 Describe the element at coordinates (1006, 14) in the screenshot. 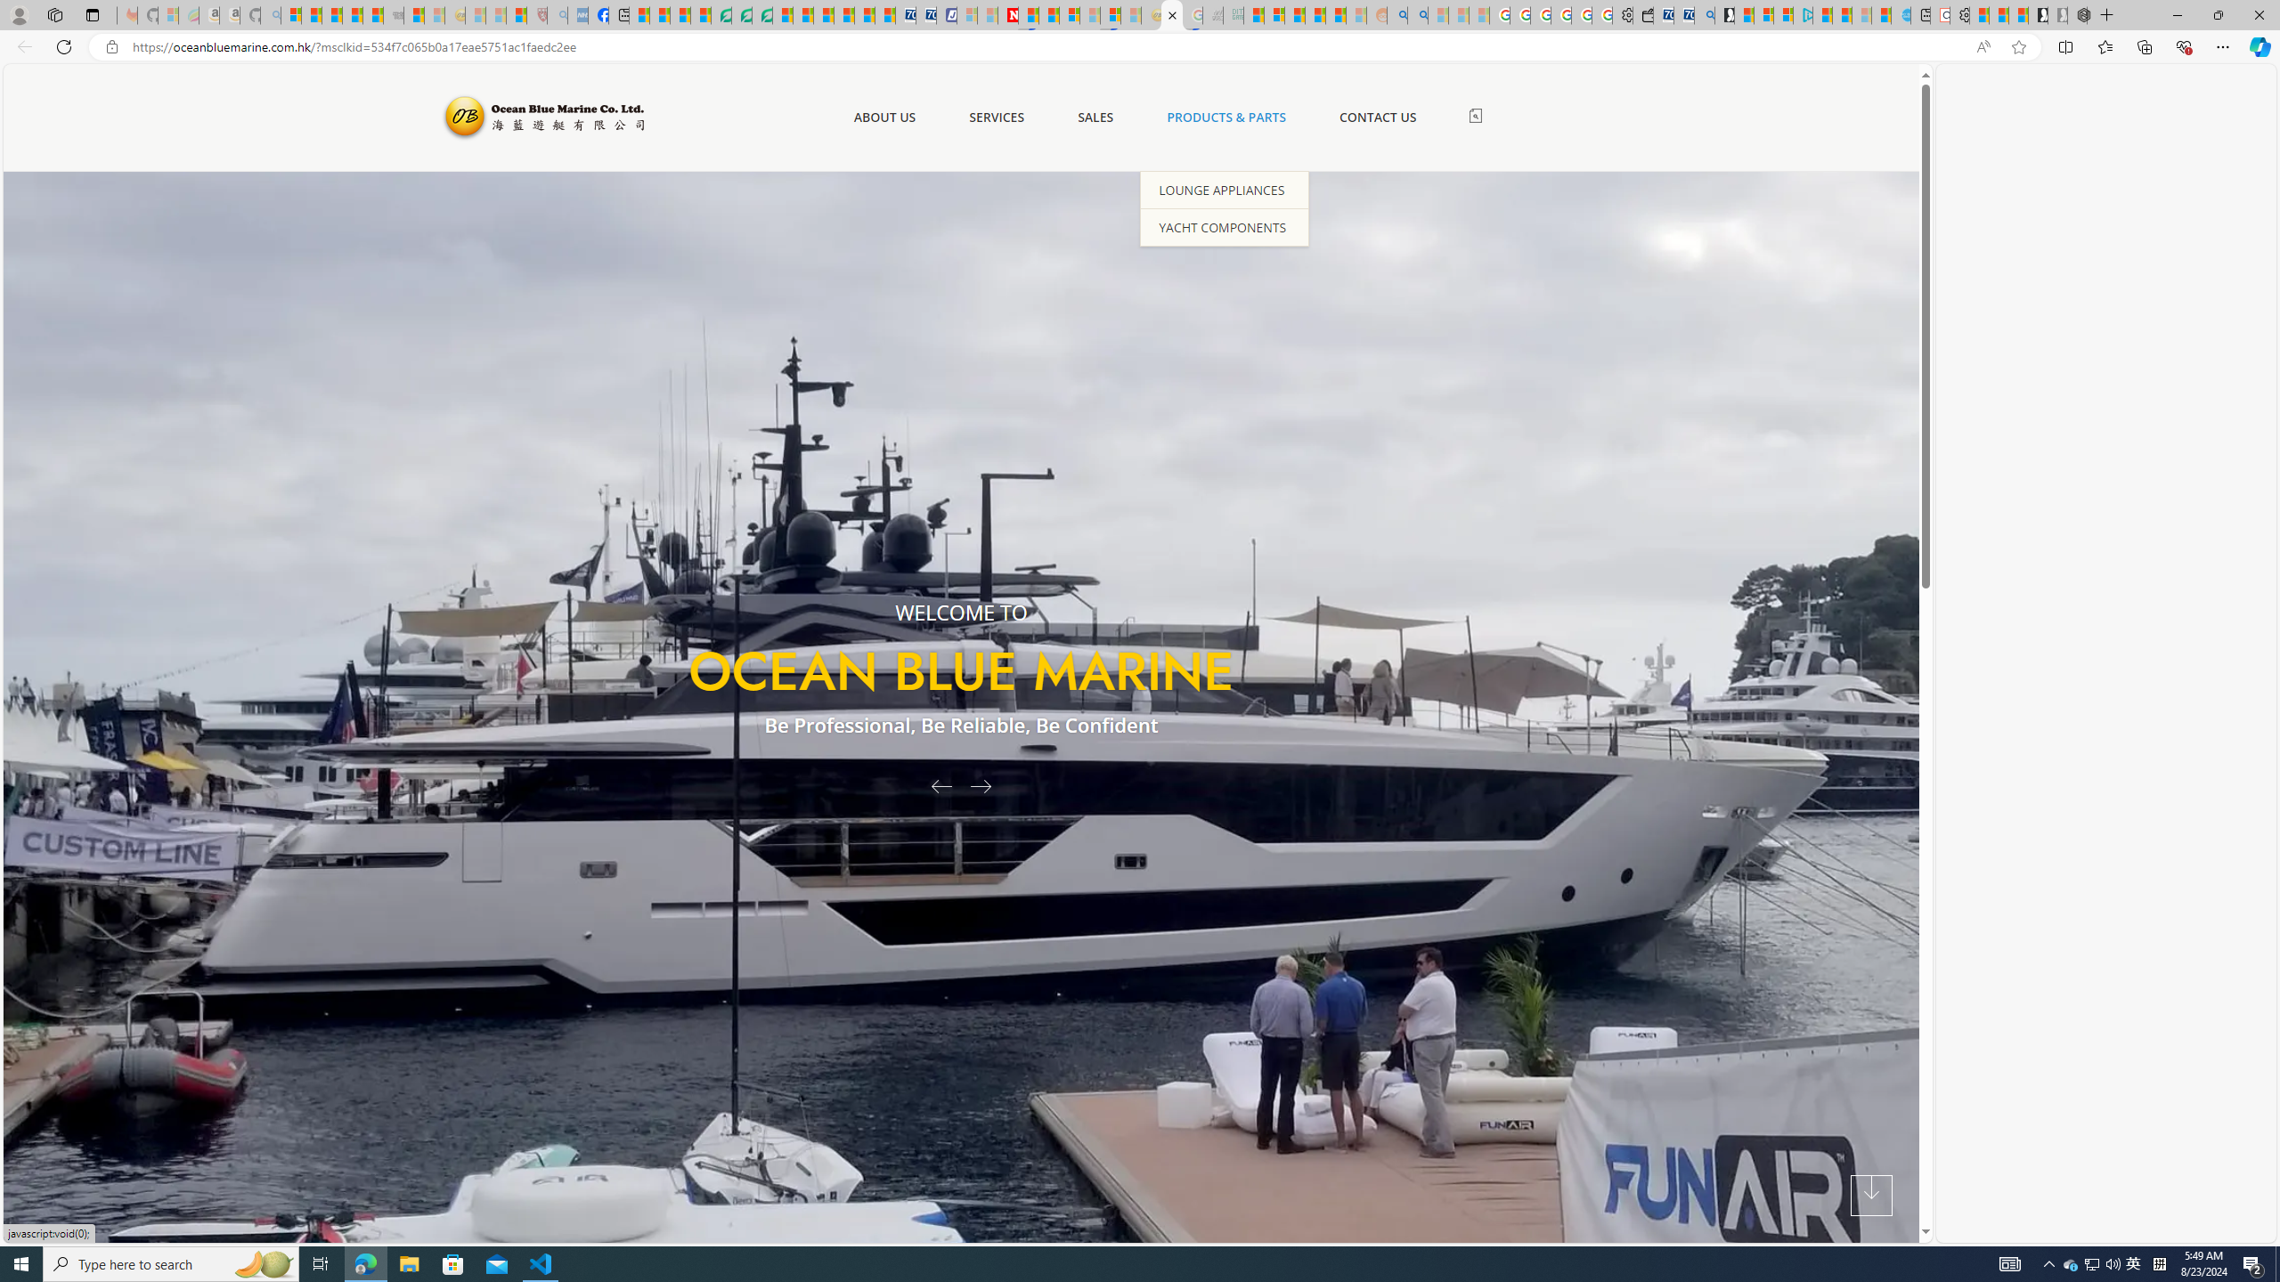

I see `'Latest Politics News & Archive | Newsweek.com'` at that location.